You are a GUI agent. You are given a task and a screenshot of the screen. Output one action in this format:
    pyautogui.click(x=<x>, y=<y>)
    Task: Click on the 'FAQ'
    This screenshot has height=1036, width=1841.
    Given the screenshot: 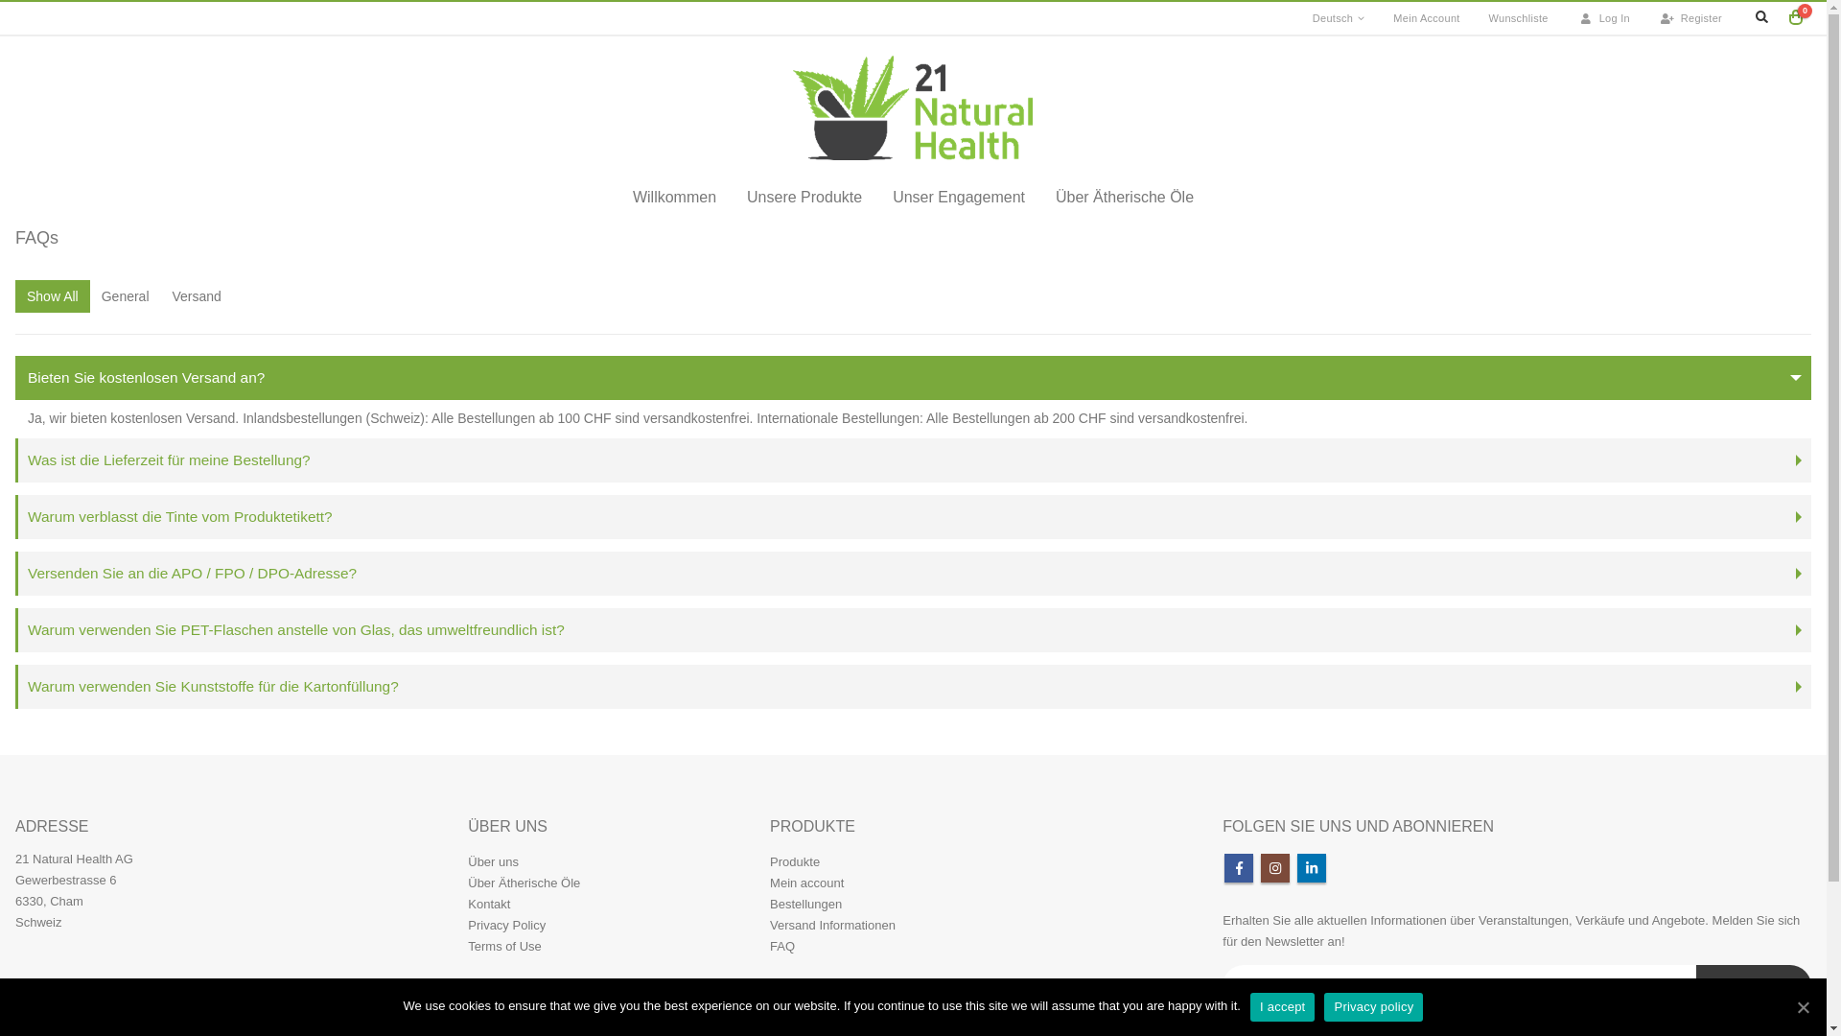 What is the action you would take?
    pyautogui.click(x=769, y=945)
    